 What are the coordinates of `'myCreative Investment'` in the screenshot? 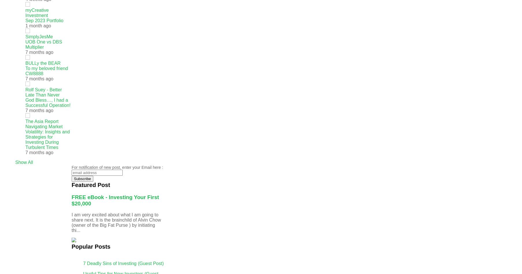 It's located at (37, 13).